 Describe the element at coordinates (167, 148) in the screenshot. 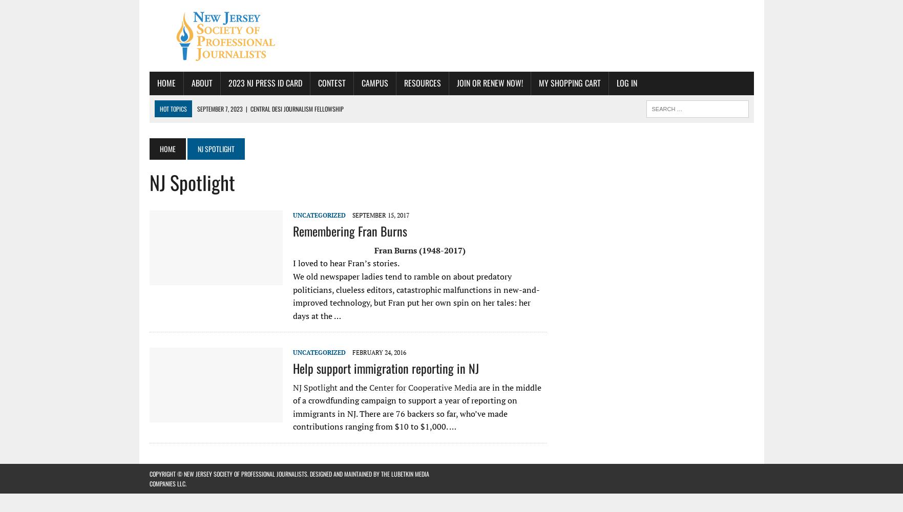

I see `'Home'` at that location.